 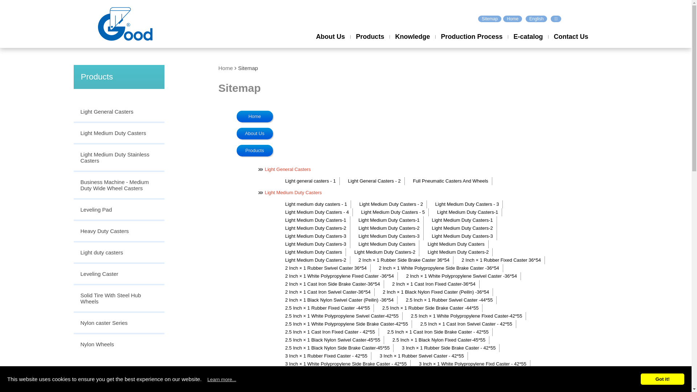 I want to click on 'Light duty casters', so click(x=73, y=253).